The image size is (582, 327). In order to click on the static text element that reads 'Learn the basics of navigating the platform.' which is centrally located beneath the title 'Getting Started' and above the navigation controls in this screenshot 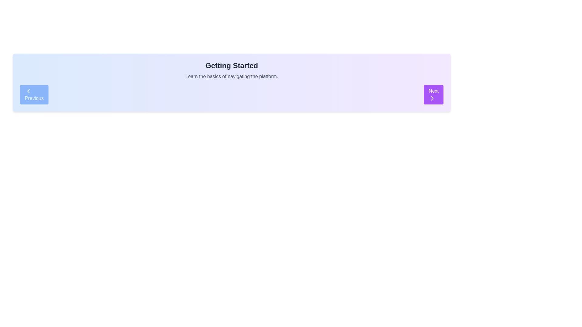, I will do `click(231, 76)`.